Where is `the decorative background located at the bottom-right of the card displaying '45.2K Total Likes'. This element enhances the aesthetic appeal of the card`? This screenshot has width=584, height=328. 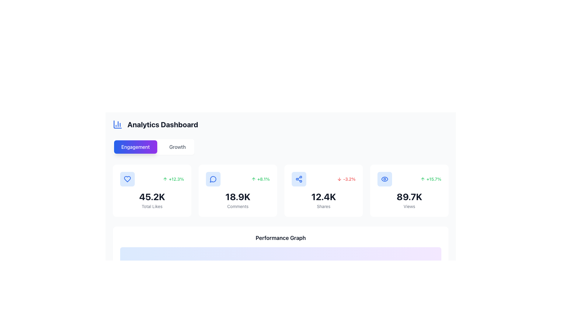
the decorative background located at the bottom-right of the card displaying '45.2K Total Likes'. This element enhances the aesthetic appeal of the card is located at coordinates (181, 207).